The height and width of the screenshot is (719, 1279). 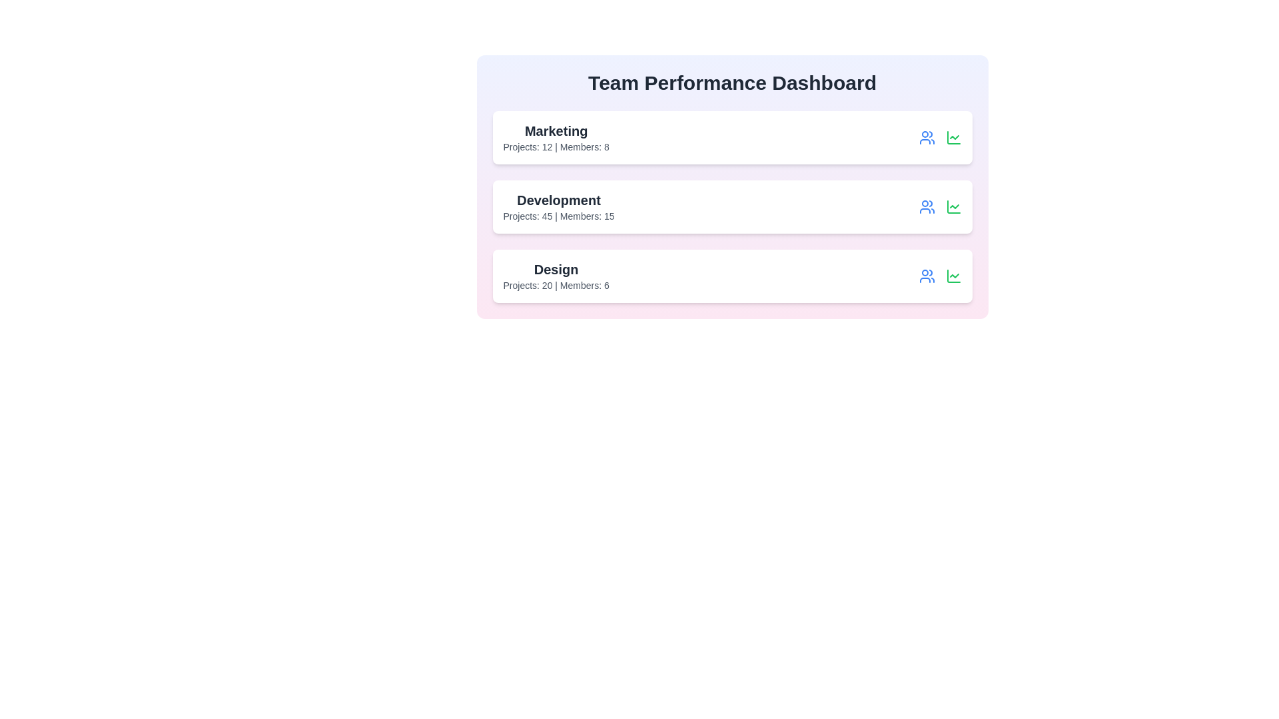 I want to click on the chart icon for Design statistics, so click(x=953, y=276).